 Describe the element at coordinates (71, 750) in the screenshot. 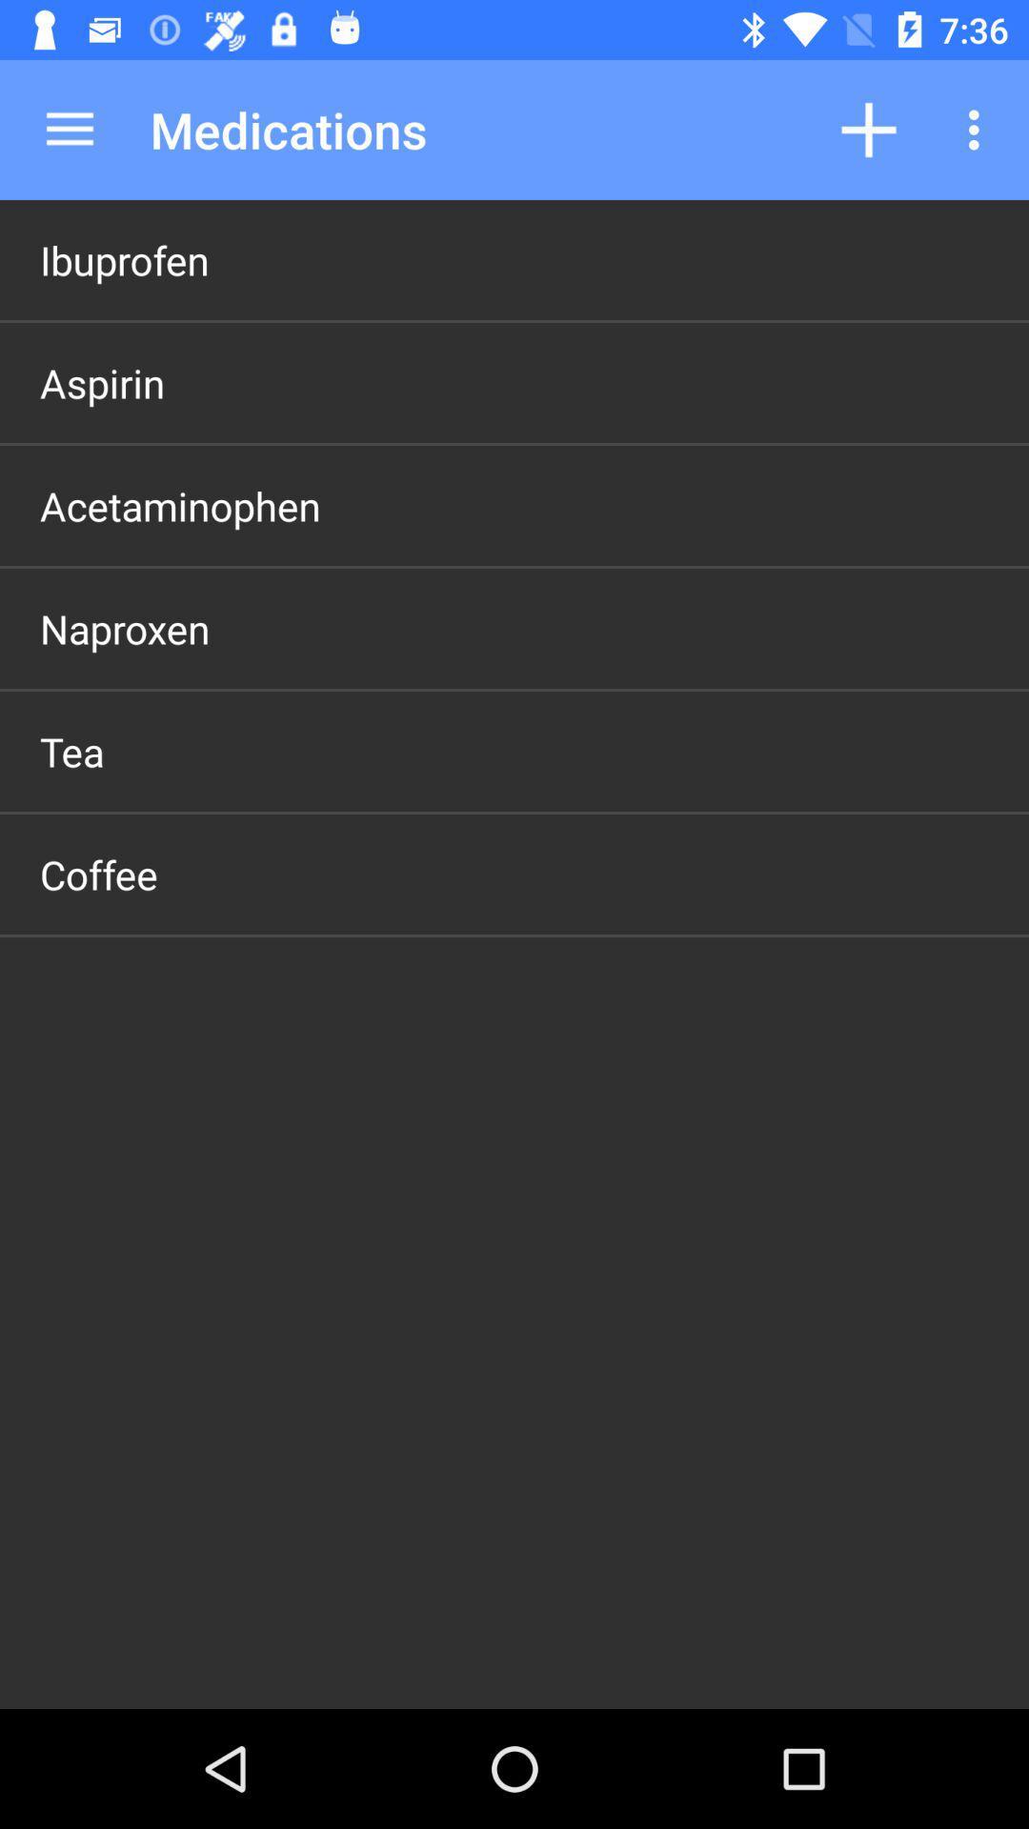

I see `the item above coffee app` at that location.